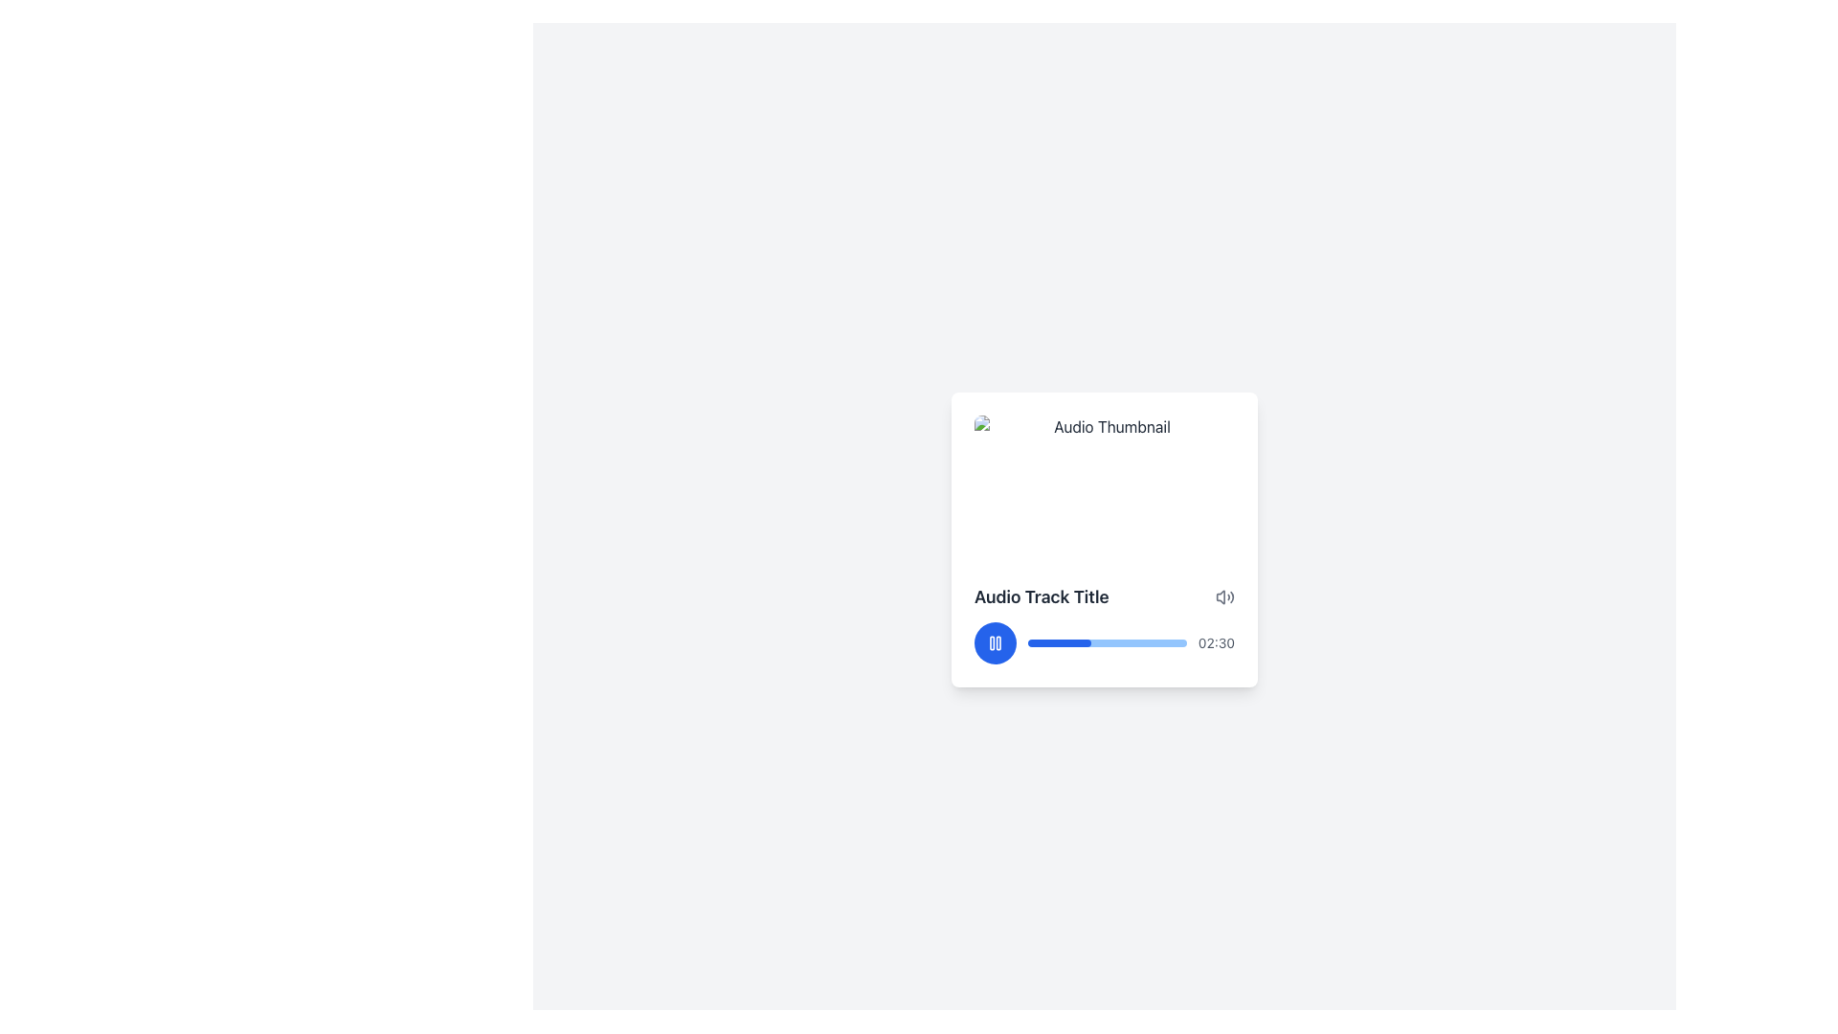 The height and width of the screenshot is (1034, 1838). What do you see at coordinates (1059, 642) in the screenshot?
I see `the progress bar, which is a horizontally aligned rectangular blue bar with rounded edges, indicating progress in the audio player component` at bounding box center [1059, 642].